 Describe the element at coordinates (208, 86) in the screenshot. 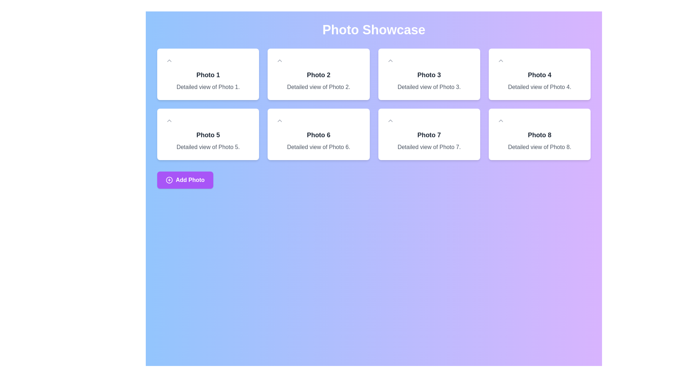

I see `text content of the text label that displays 'Detailed view of Photo 1.' located beneath the title 'Photo 1' in a gray font` at that location.